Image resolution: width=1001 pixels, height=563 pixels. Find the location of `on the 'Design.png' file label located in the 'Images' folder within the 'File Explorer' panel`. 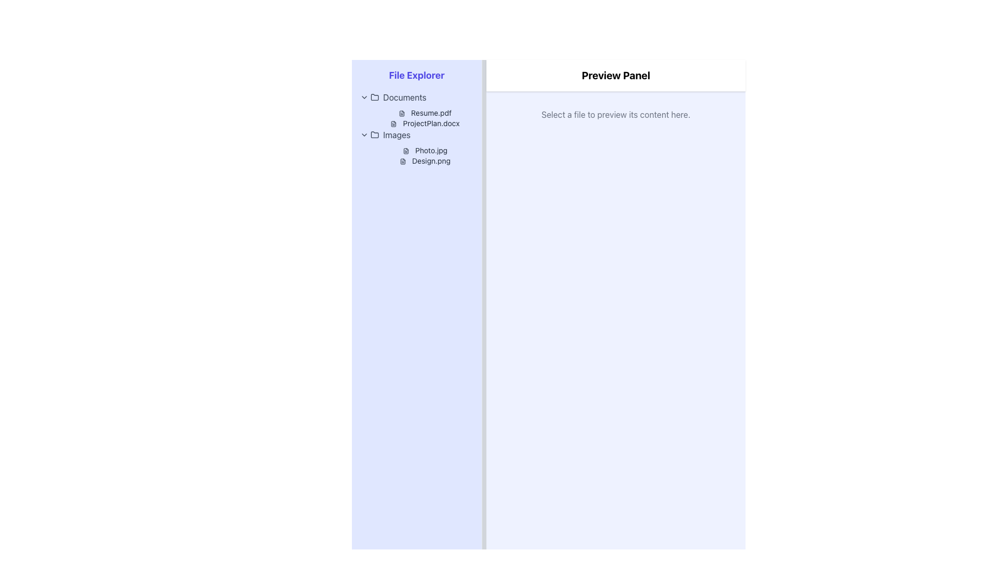

on the 'Design.png' file label located in the 'Images' folder within the 'File Explorer' panel is located at coordinates (425, 161).